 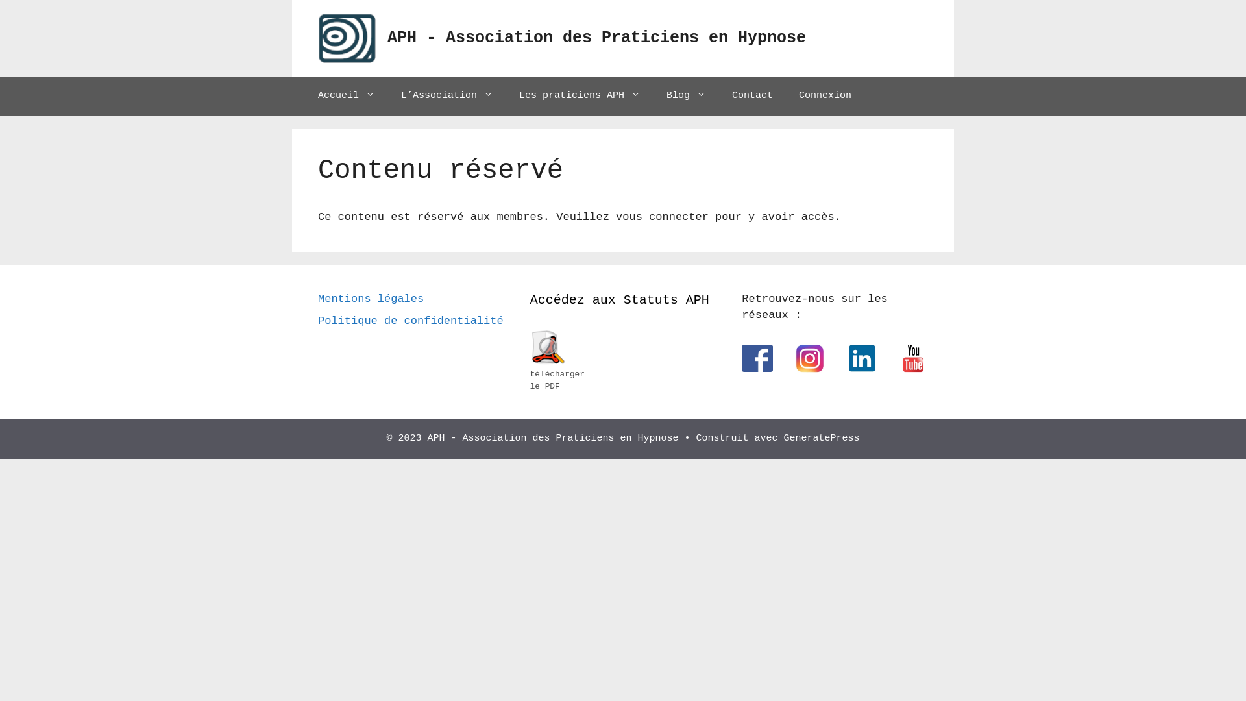 What do you see at coordinates (654, 95) in the screenshot?
I see `'Blog'` at bounding box center [654, 95].